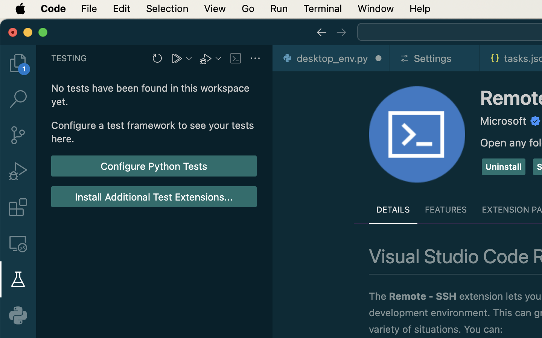 Image resolution: width=542 pixels, height=338 pixels. What do you see at coordinates (17, 98) in the screenshot?
I see `'0 '` at bounding box center [17, 98].